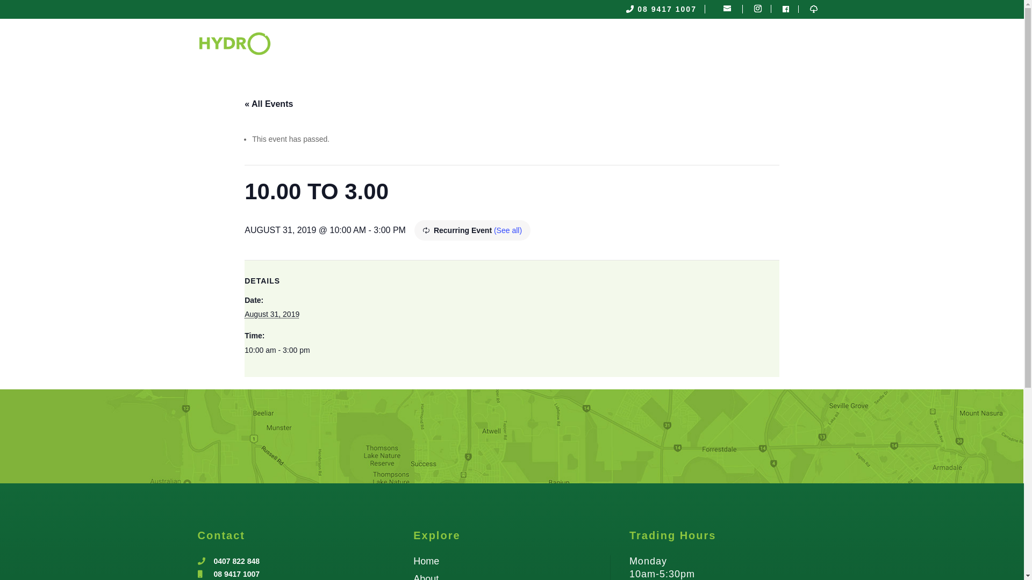 The height and width of the screenshot is (580, 1032). Describe the element at coordinates (236, 561) in the screenshot. I see `'0407 822 848'` at that location.